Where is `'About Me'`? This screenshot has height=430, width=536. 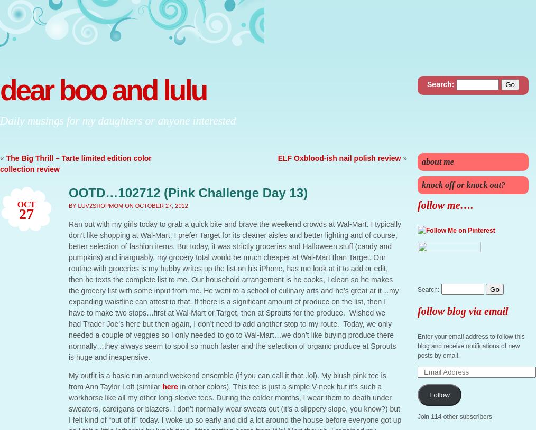 'About Me' is located at coordinates (422, 161).